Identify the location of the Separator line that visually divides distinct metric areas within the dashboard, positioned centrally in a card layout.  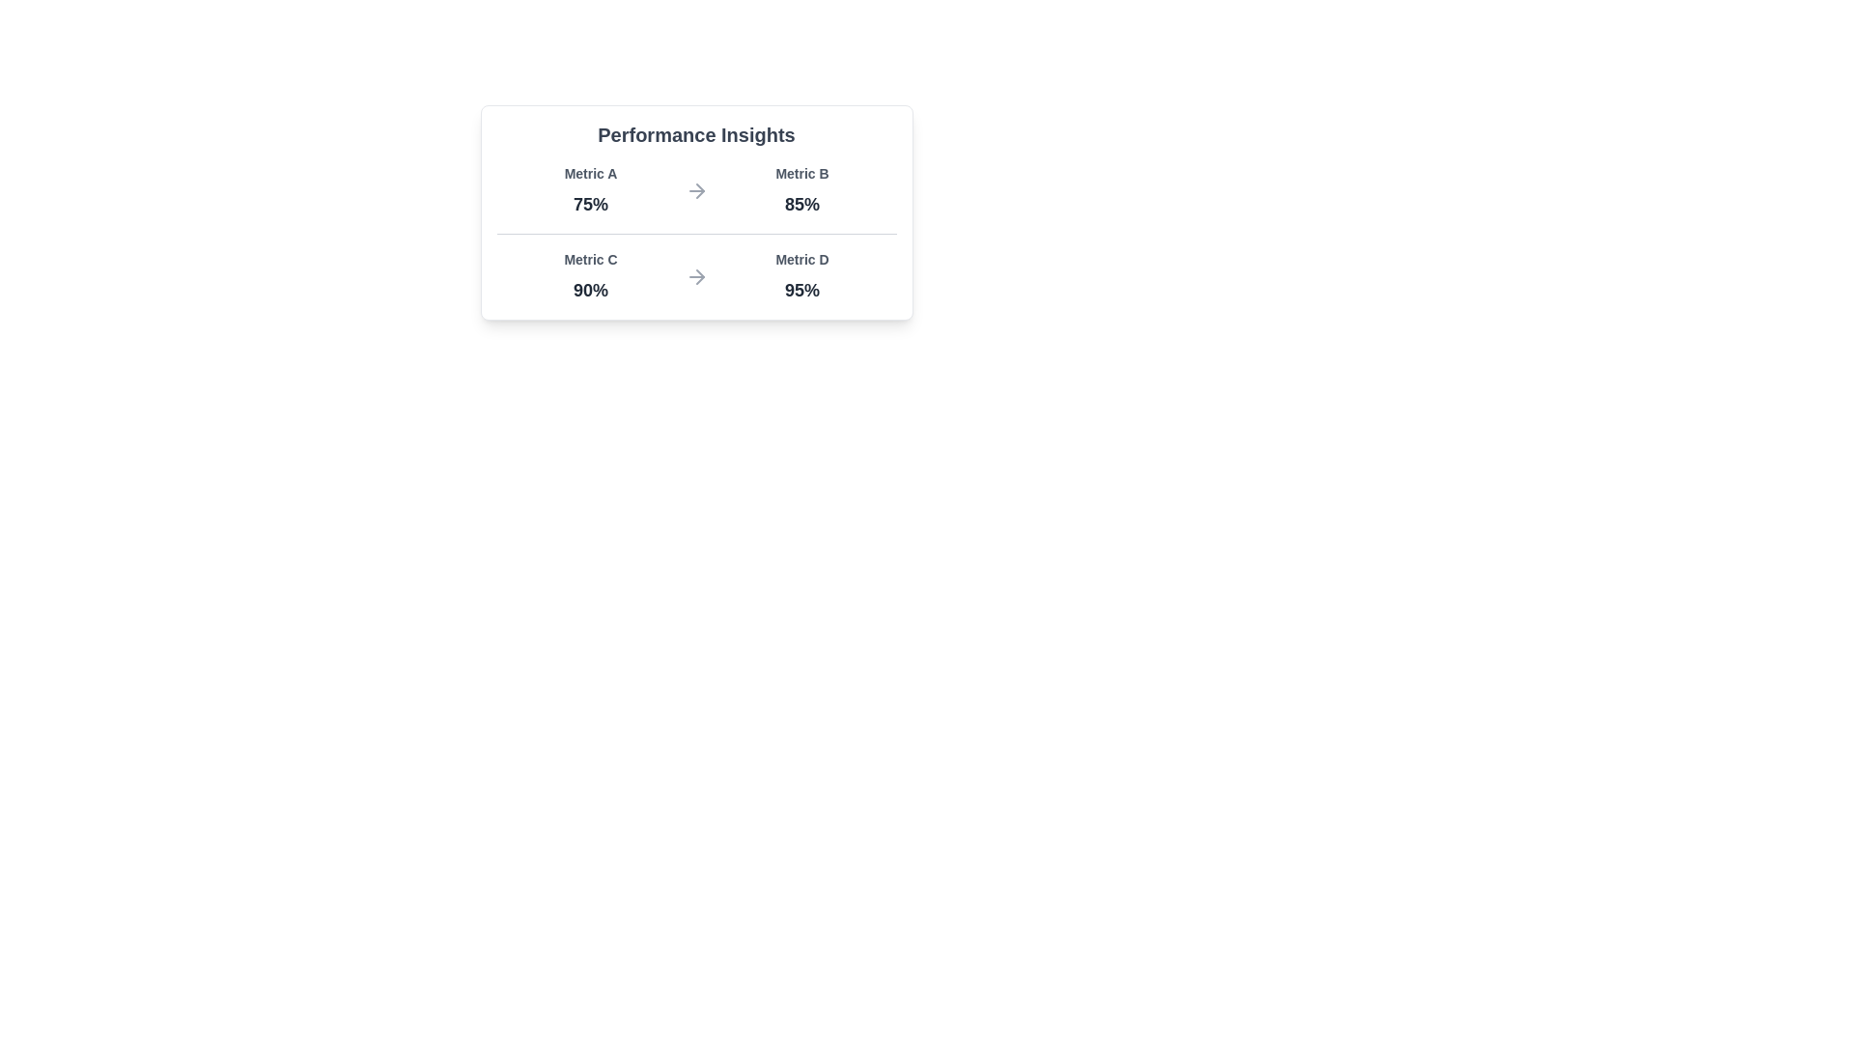
(695, 233).